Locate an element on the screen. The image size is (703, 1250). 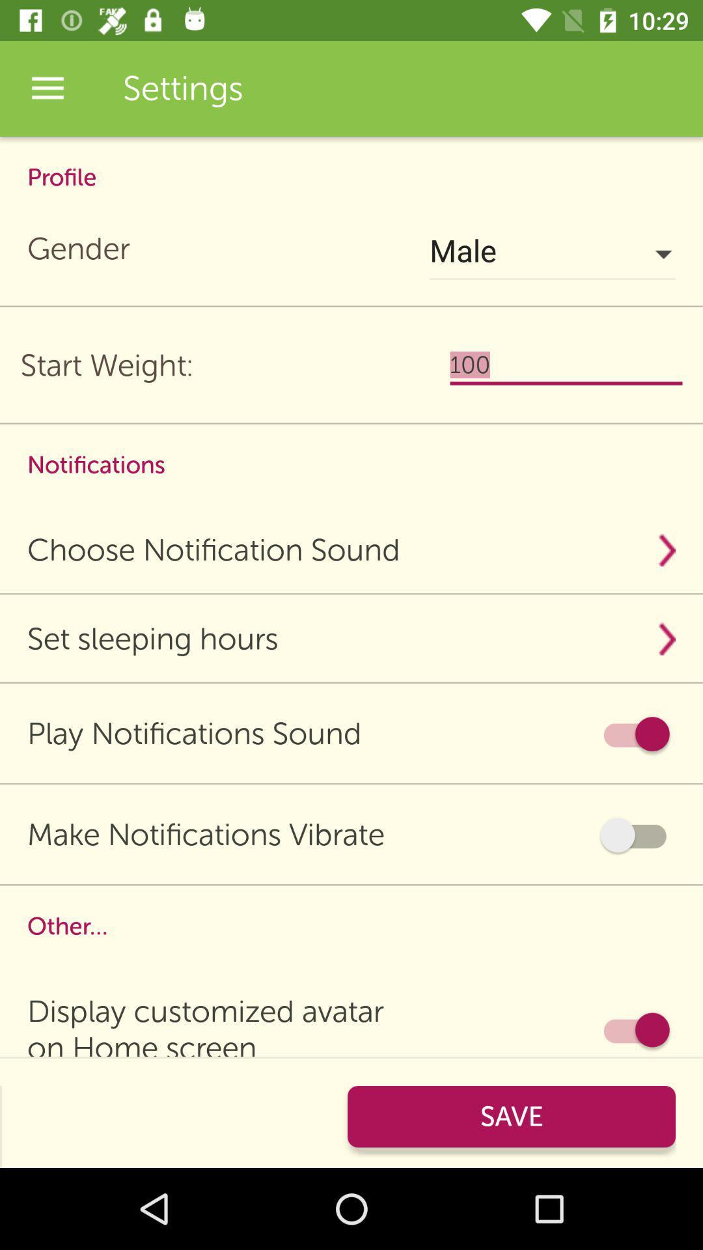
save icon is located at coordinates (511, 1116).